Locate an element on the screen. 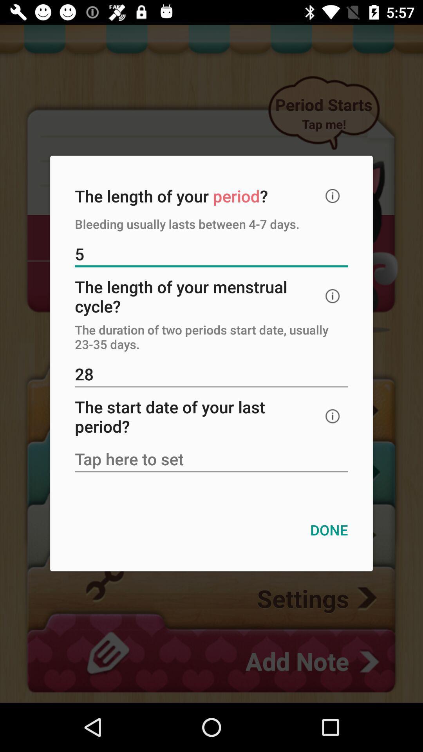 This screenshot has width=423, height=752. the 28 is located at coordinates (211, 374).